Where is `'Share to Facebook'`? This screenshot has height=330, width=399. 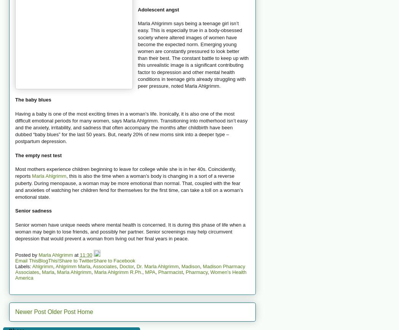 'Share to Facebook' is located at coordinates (114, 260).